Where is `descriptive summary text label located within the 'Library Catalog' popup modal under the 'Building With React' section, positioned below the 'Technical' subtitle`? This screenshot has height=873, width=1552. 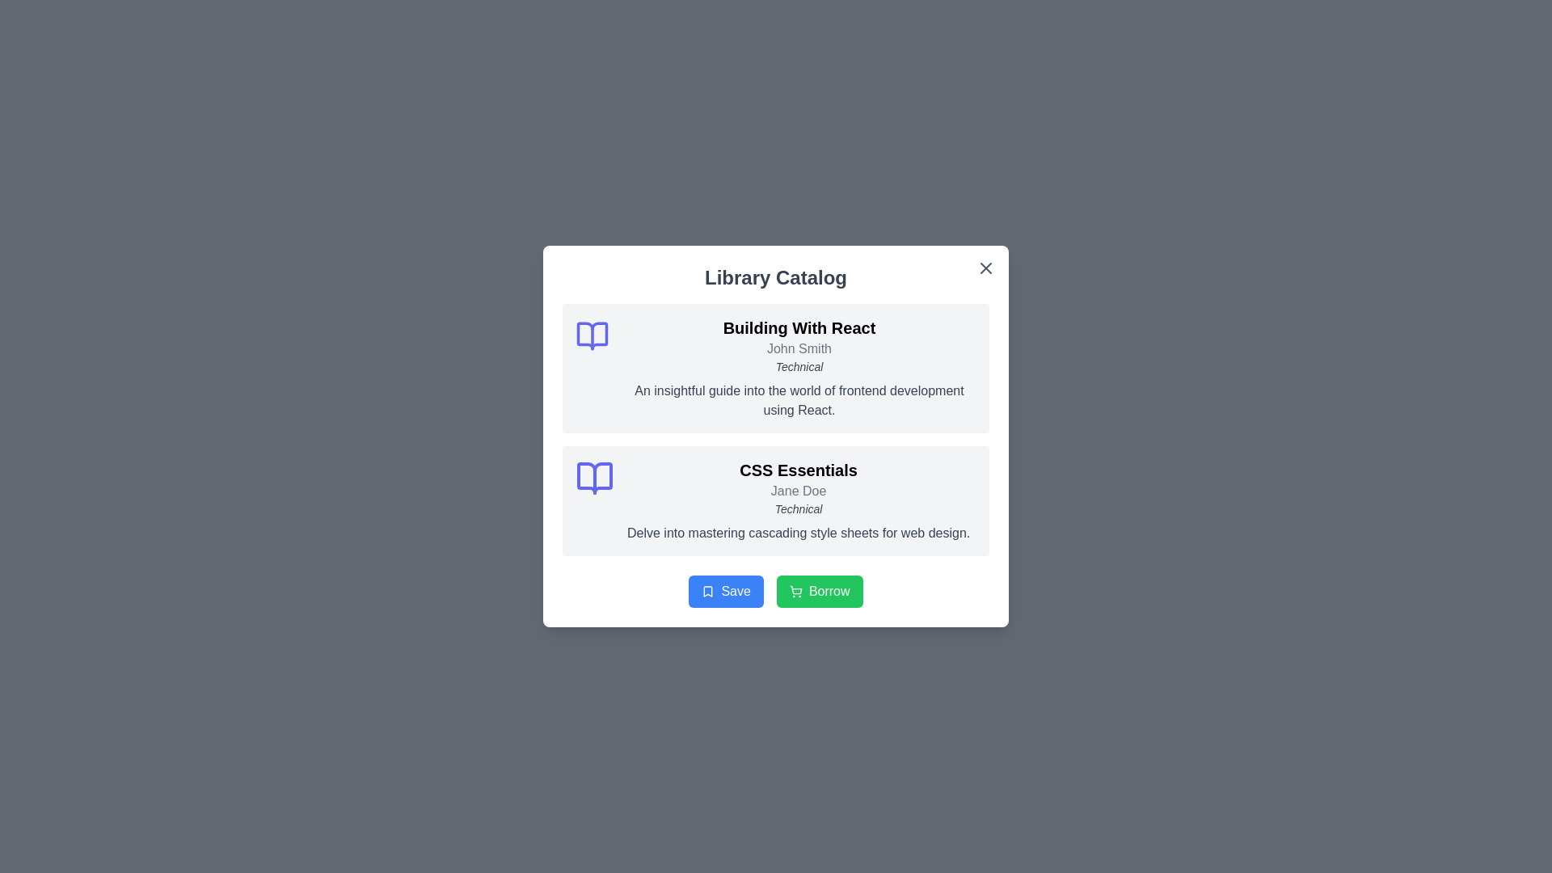 descriptive summary text label located within the 'Library Catalog' popup modal under the 'Building With React' section, positioned below the 'Technical' subtitle is located at coordinates (799, 400).